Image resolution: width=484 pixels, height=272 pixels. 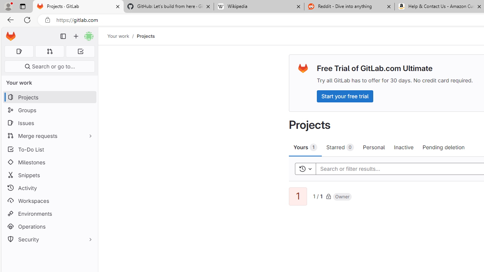 What do you see at coordinates (49, 162) in the screenshot?
I see `'Milestones'` at bounding box center [49, 162].